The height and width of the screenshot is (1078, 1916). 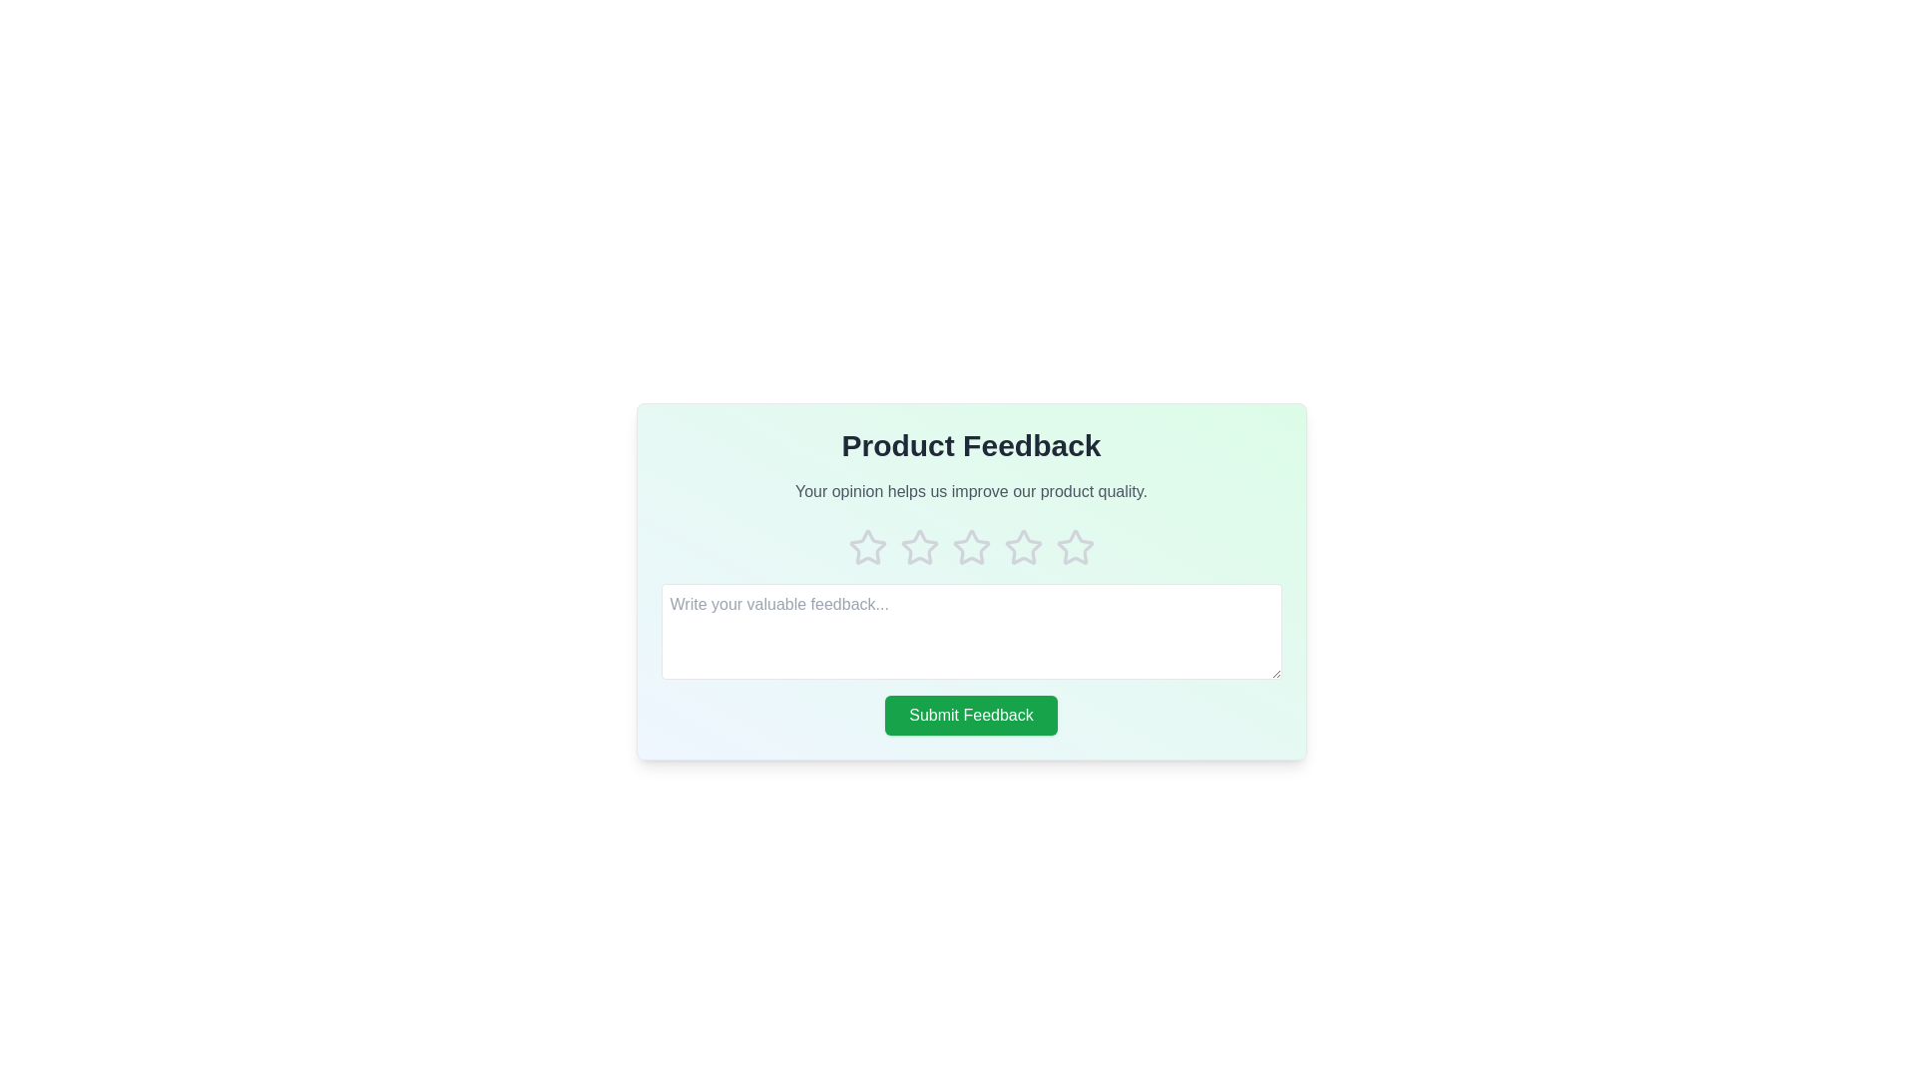 I want to click on the 'Submit Feedback' button with a green background and white text, so click(x=971, y=715).